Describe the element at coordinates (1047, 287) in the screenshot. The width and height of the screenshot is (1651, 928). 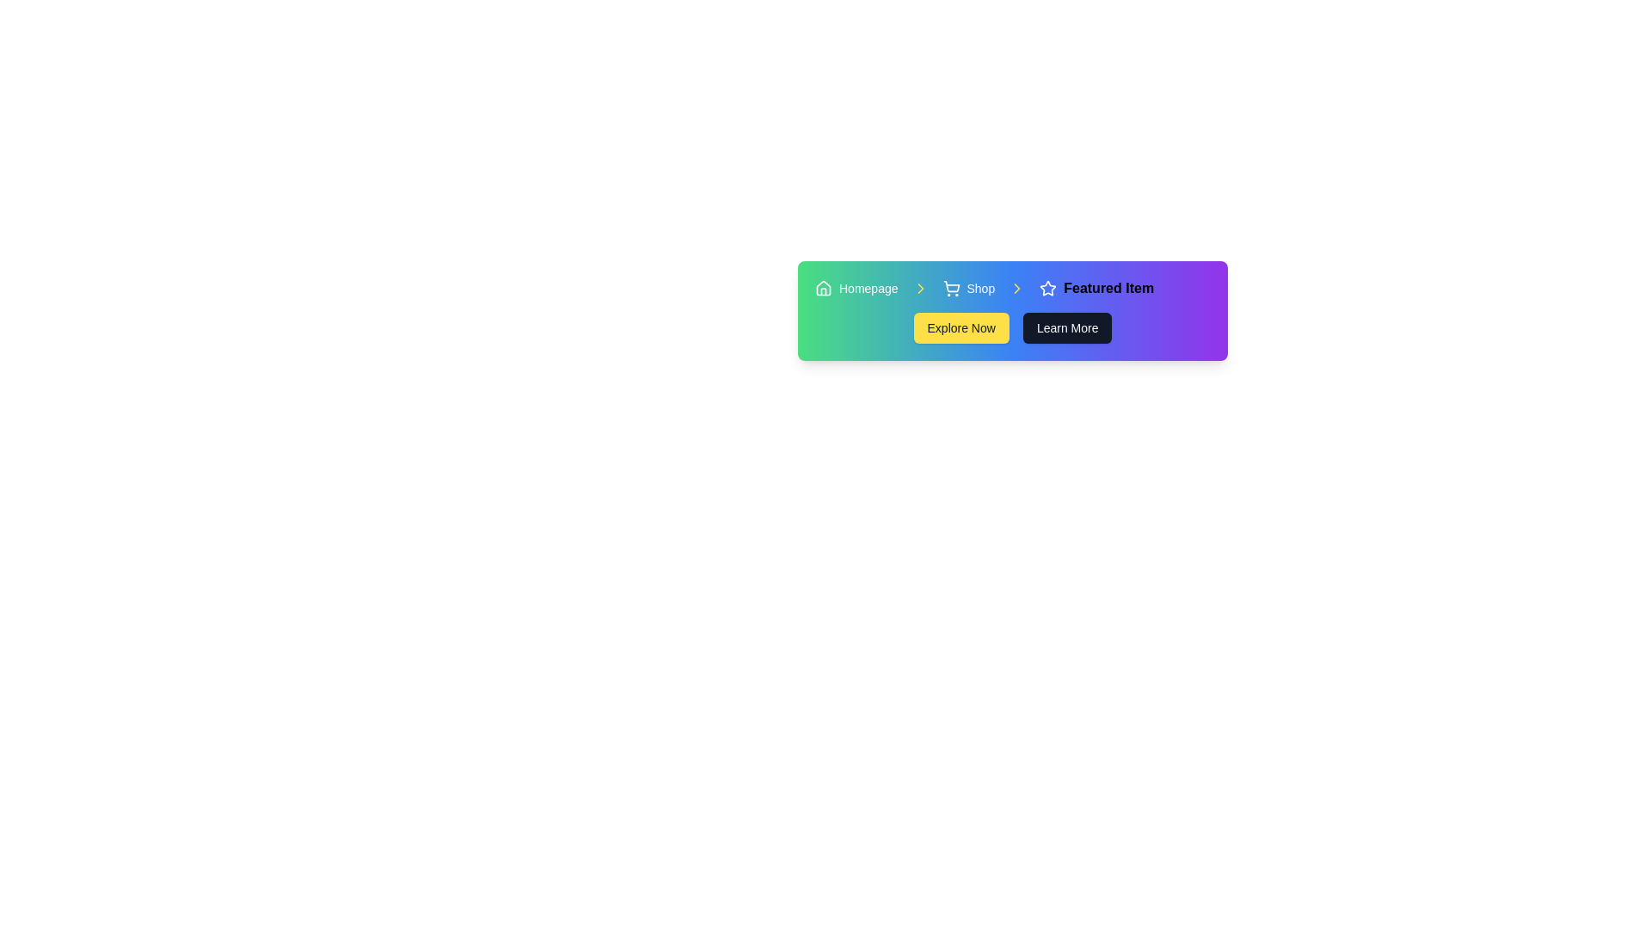
I see `the filled star-like graphic icon located in the breadcrumb navigation bar, situated between the 'Shop' section and the 'Featured Item' section` at that location.